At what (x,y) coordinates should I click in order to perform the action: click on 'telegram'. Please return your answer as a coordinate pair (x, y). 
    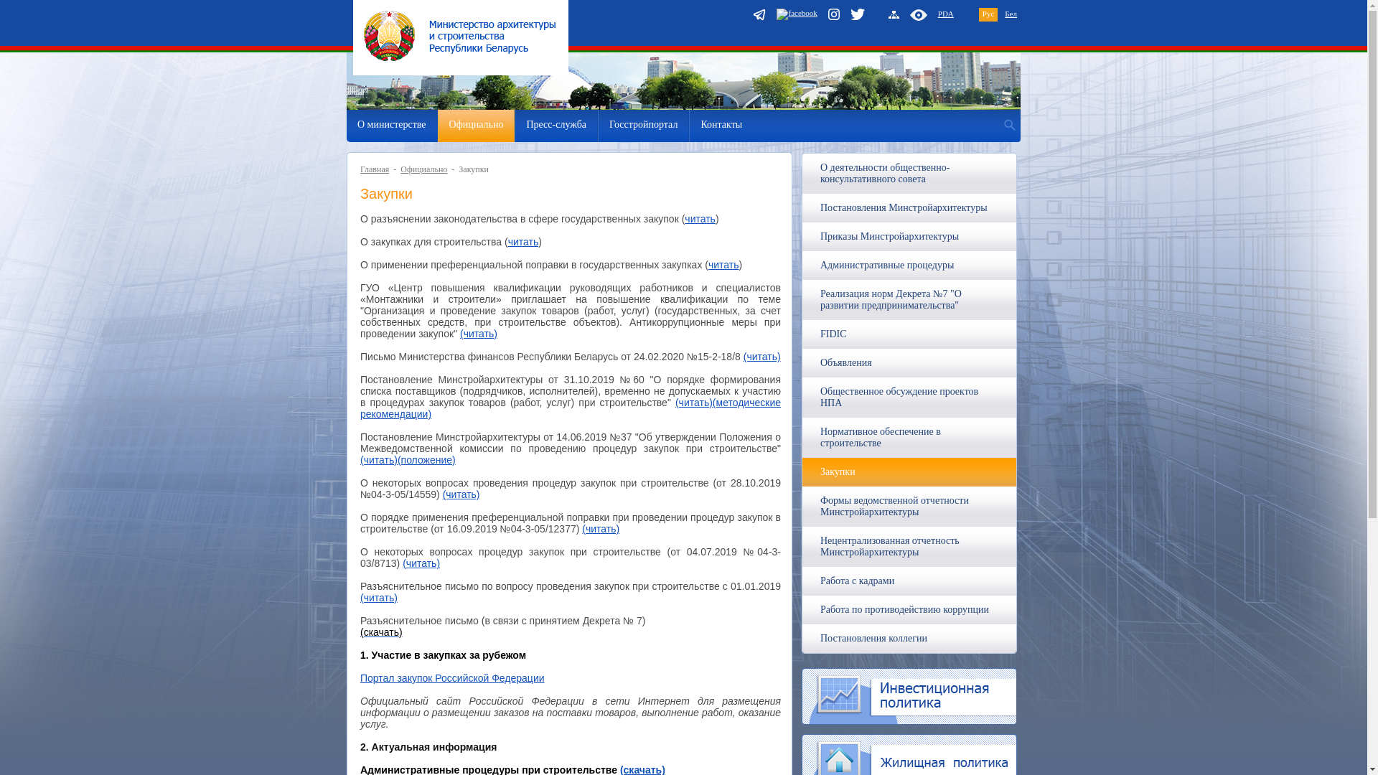
    Looking at the image, I should click on (758, 15).